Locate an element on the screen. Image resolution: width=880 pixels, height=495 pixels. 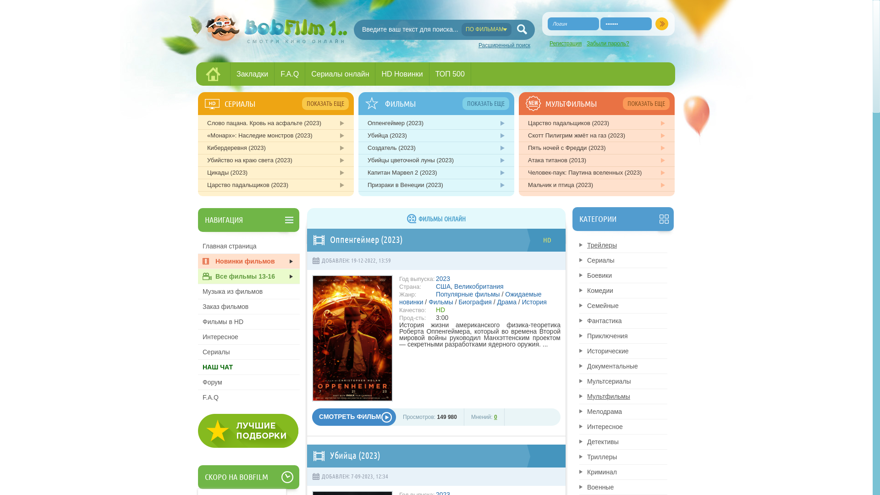
'F.A.Q' is located at coordinates (274, 73).